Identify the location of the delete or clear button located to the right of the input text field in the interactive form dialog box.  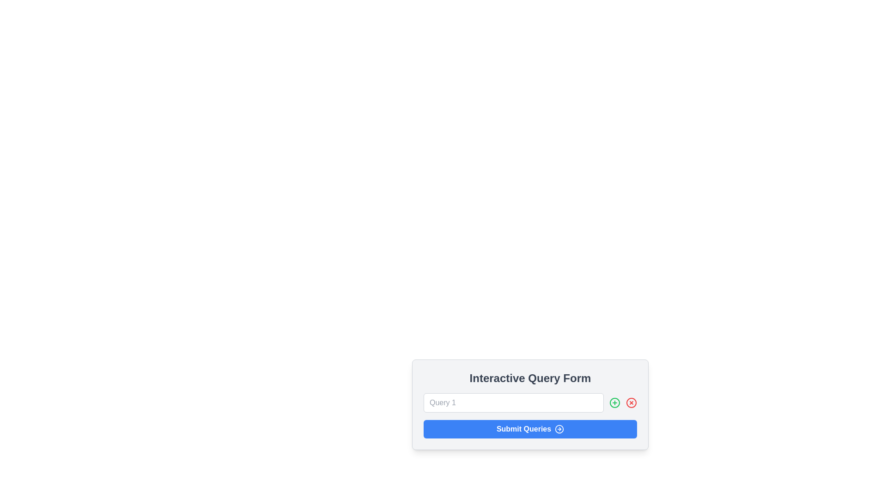
(631, 402).